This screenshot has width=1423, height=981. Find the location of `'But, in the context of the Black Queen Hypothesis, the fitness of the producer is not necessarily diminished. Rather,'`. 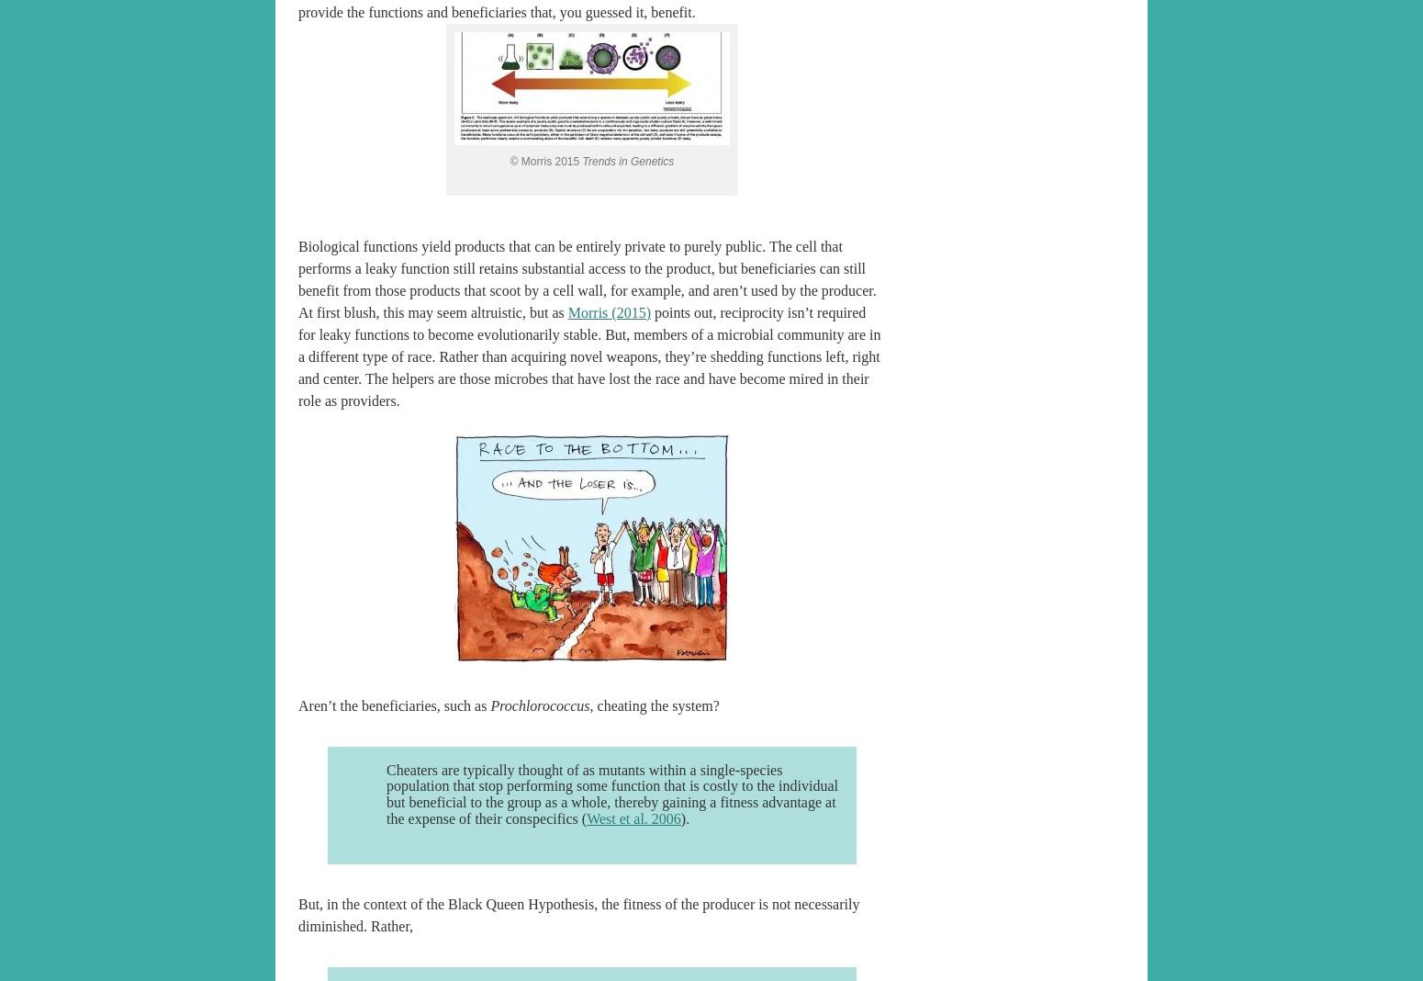

'But, in the context of the Black Queen Hypothesis, the fitness of the producer is not necessarily diminished. Rather,' is located at coordinates (297, 915).